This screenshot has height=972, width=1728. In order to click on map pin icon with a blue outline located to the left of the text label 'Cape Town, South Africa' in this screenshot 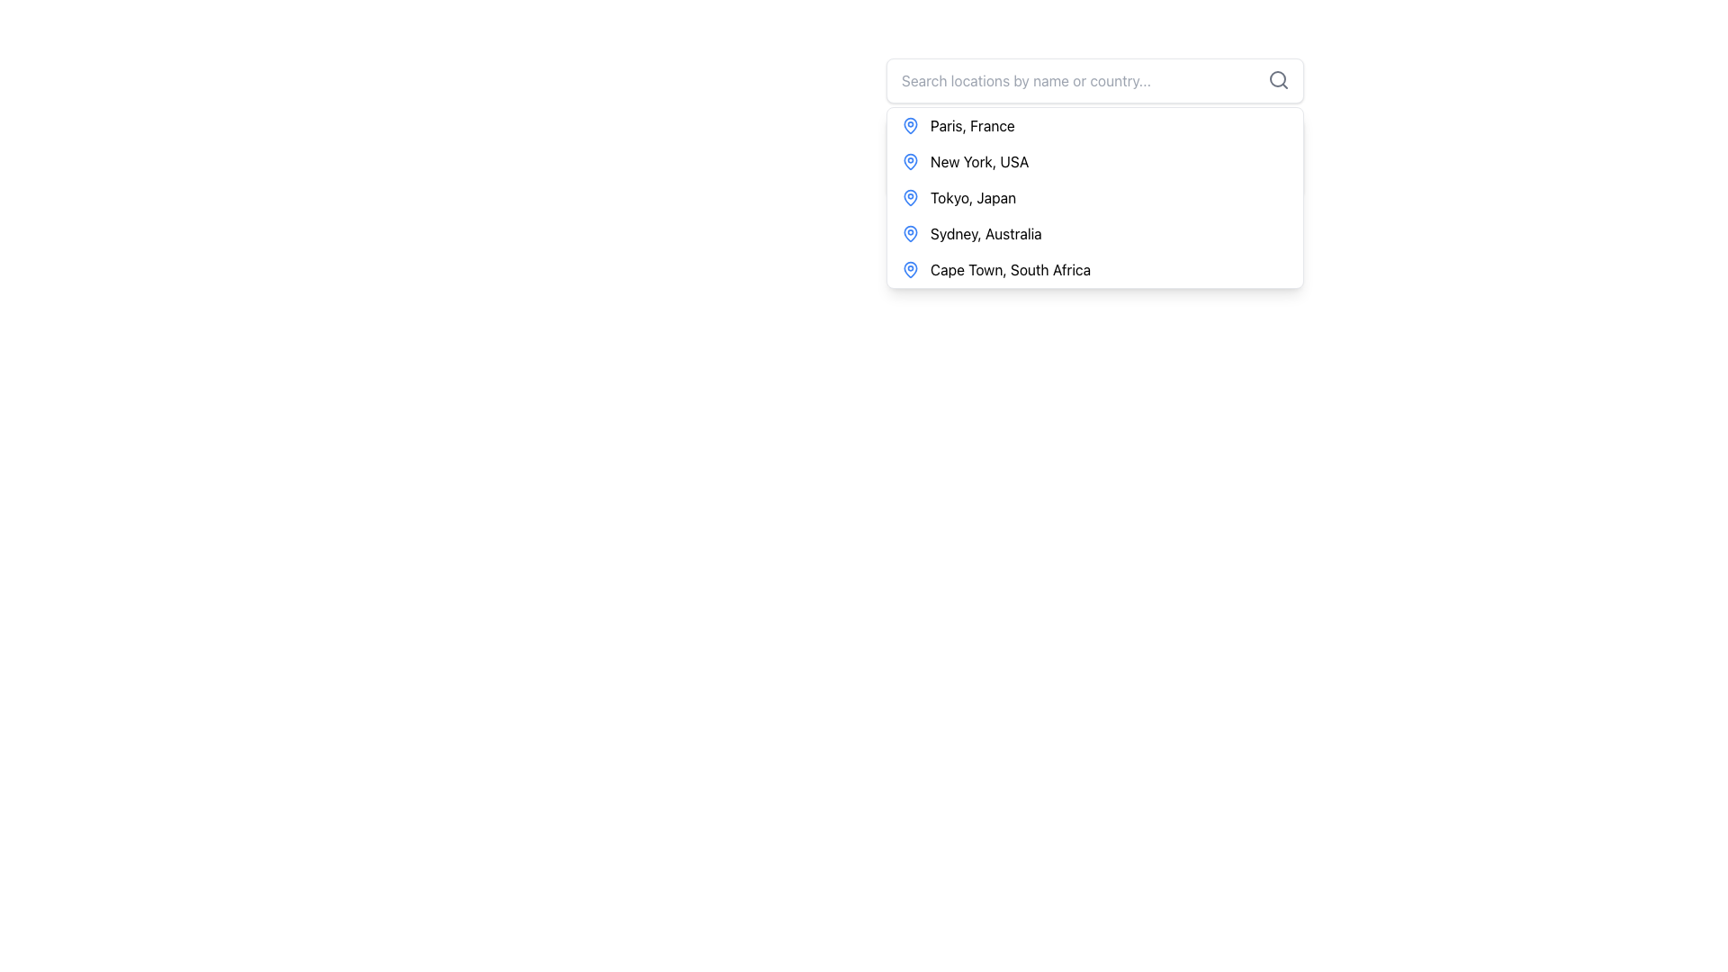, I will do `click(911, 270)`.